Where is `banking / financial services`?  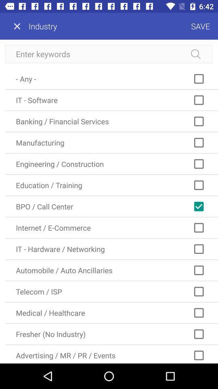
banking / financial services is located at coordinates (111, 121).